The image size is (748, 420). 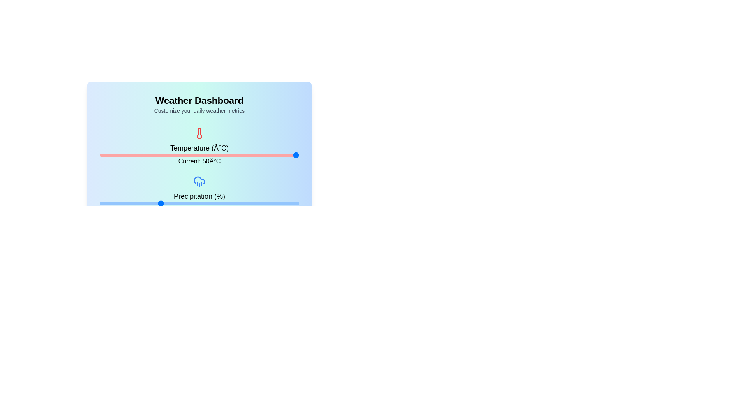 I want to click on the thermometer icon which is styled in red and is located above the text 'Temperature (°C)', so click(x=199, y=133).